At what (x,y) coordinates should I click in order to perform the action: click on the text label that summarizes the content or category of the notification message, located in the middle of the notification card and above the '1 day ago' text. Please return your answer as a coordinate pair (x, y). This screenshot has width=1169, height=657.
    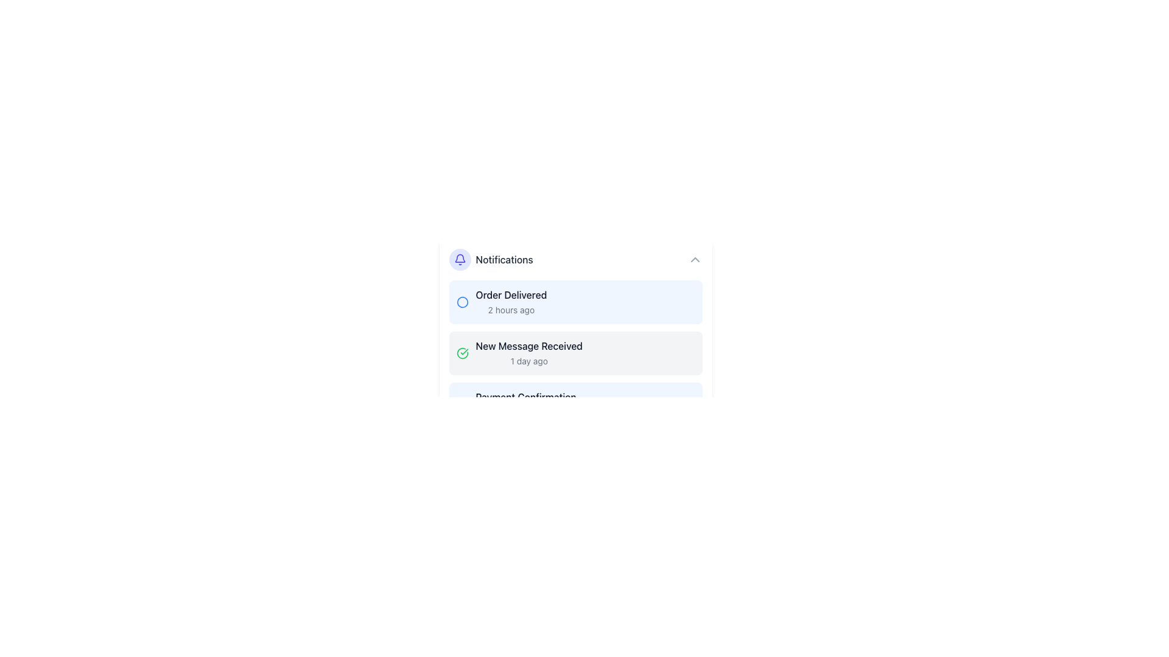
    Looking at the image, I should click on (529, 346).